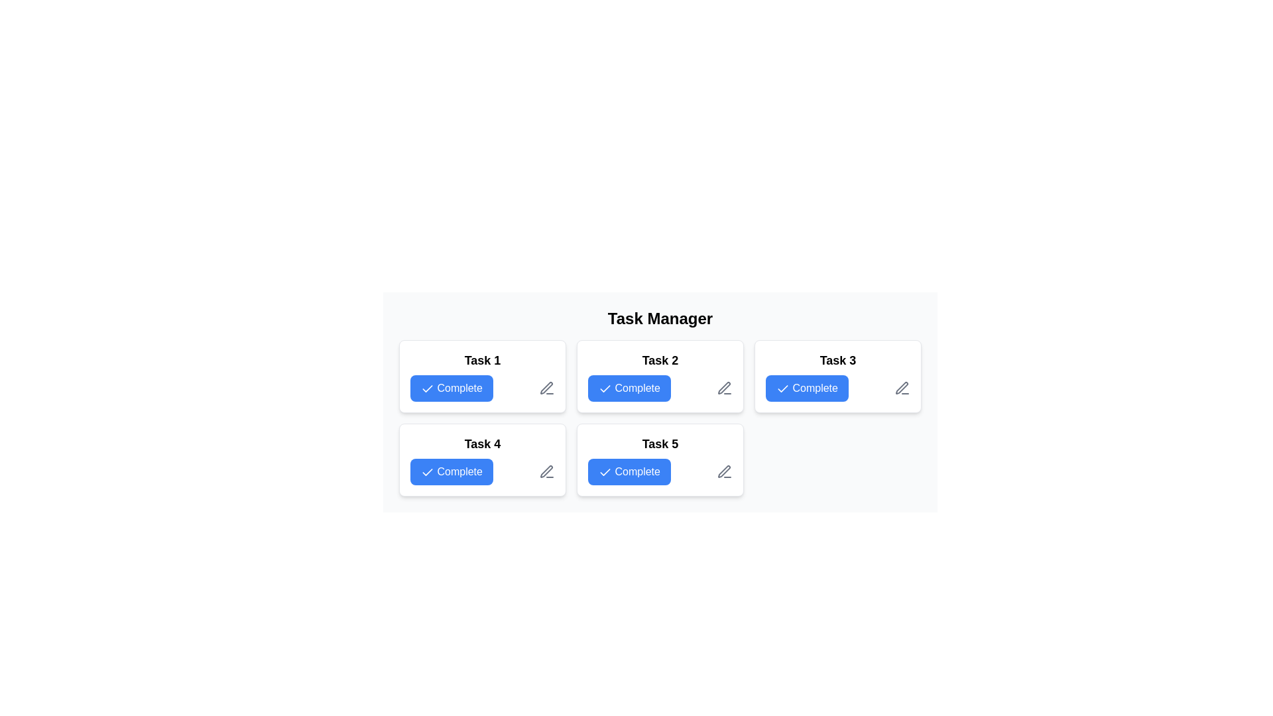 This screenshot has height=716, width=1273. I want to click on the 'Complete' button with a blue background and white text, located in the lower section of the 'Task 1' card, to mark the task as completed, so click(482, 388).